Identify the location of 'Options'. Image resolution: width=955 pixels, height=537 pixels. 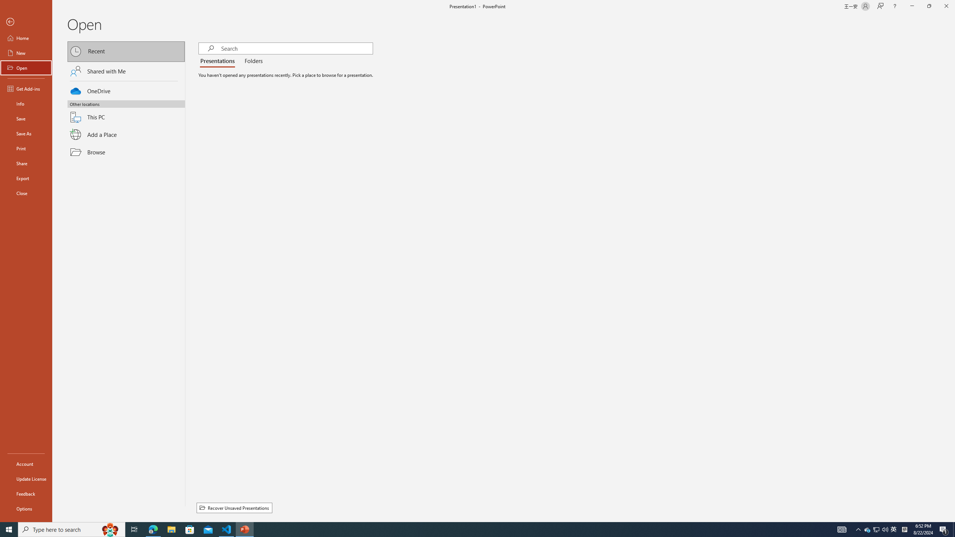
(26, 508).